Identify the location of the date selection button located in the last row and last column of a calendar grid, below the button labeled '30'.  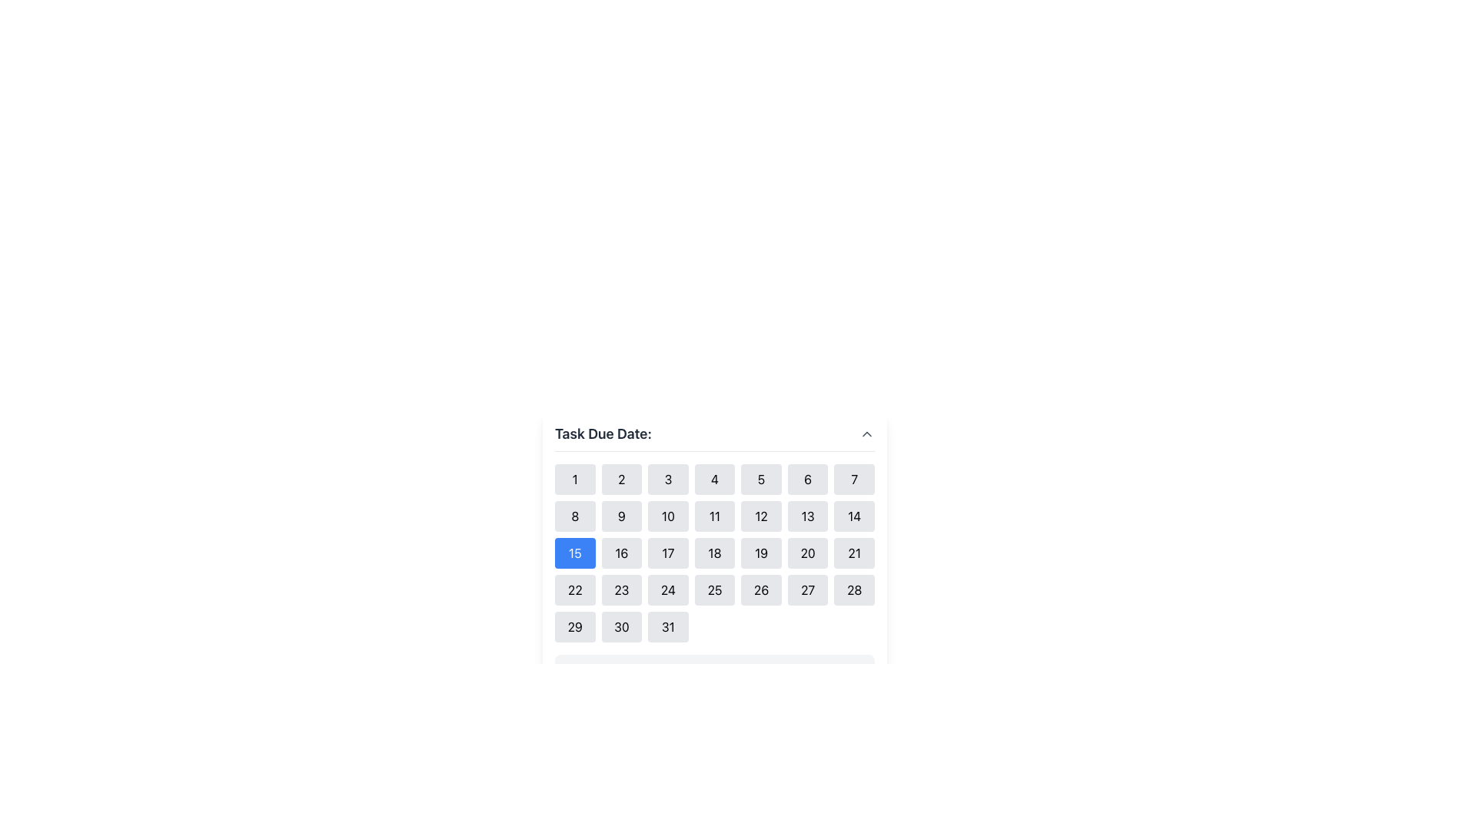
(668, 627).